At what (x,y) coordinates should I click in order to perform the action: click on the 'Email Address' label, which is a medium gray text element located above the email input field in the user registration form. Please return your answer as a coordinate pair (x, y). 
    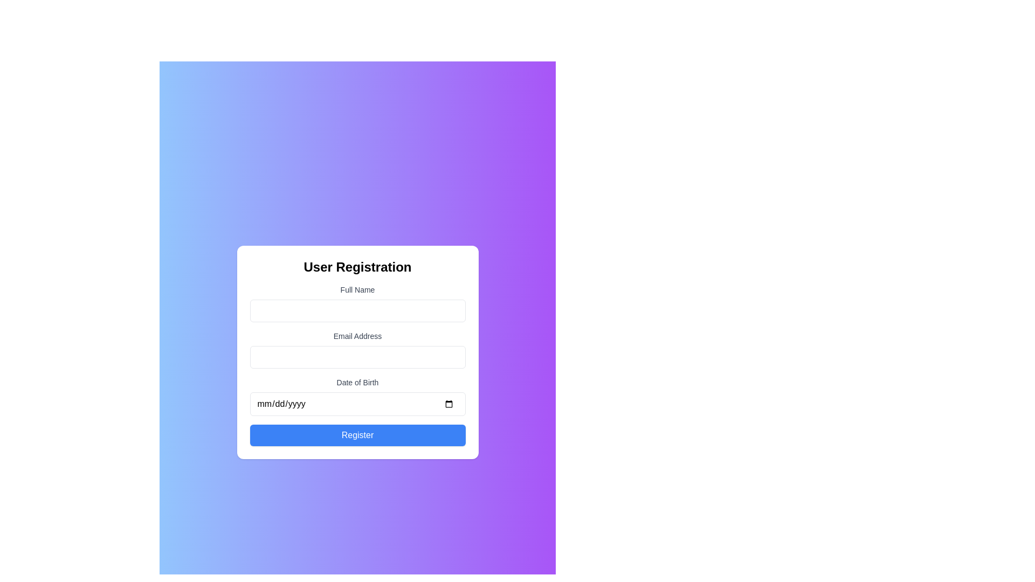
    Looking at the image, I should click on (357, 336).